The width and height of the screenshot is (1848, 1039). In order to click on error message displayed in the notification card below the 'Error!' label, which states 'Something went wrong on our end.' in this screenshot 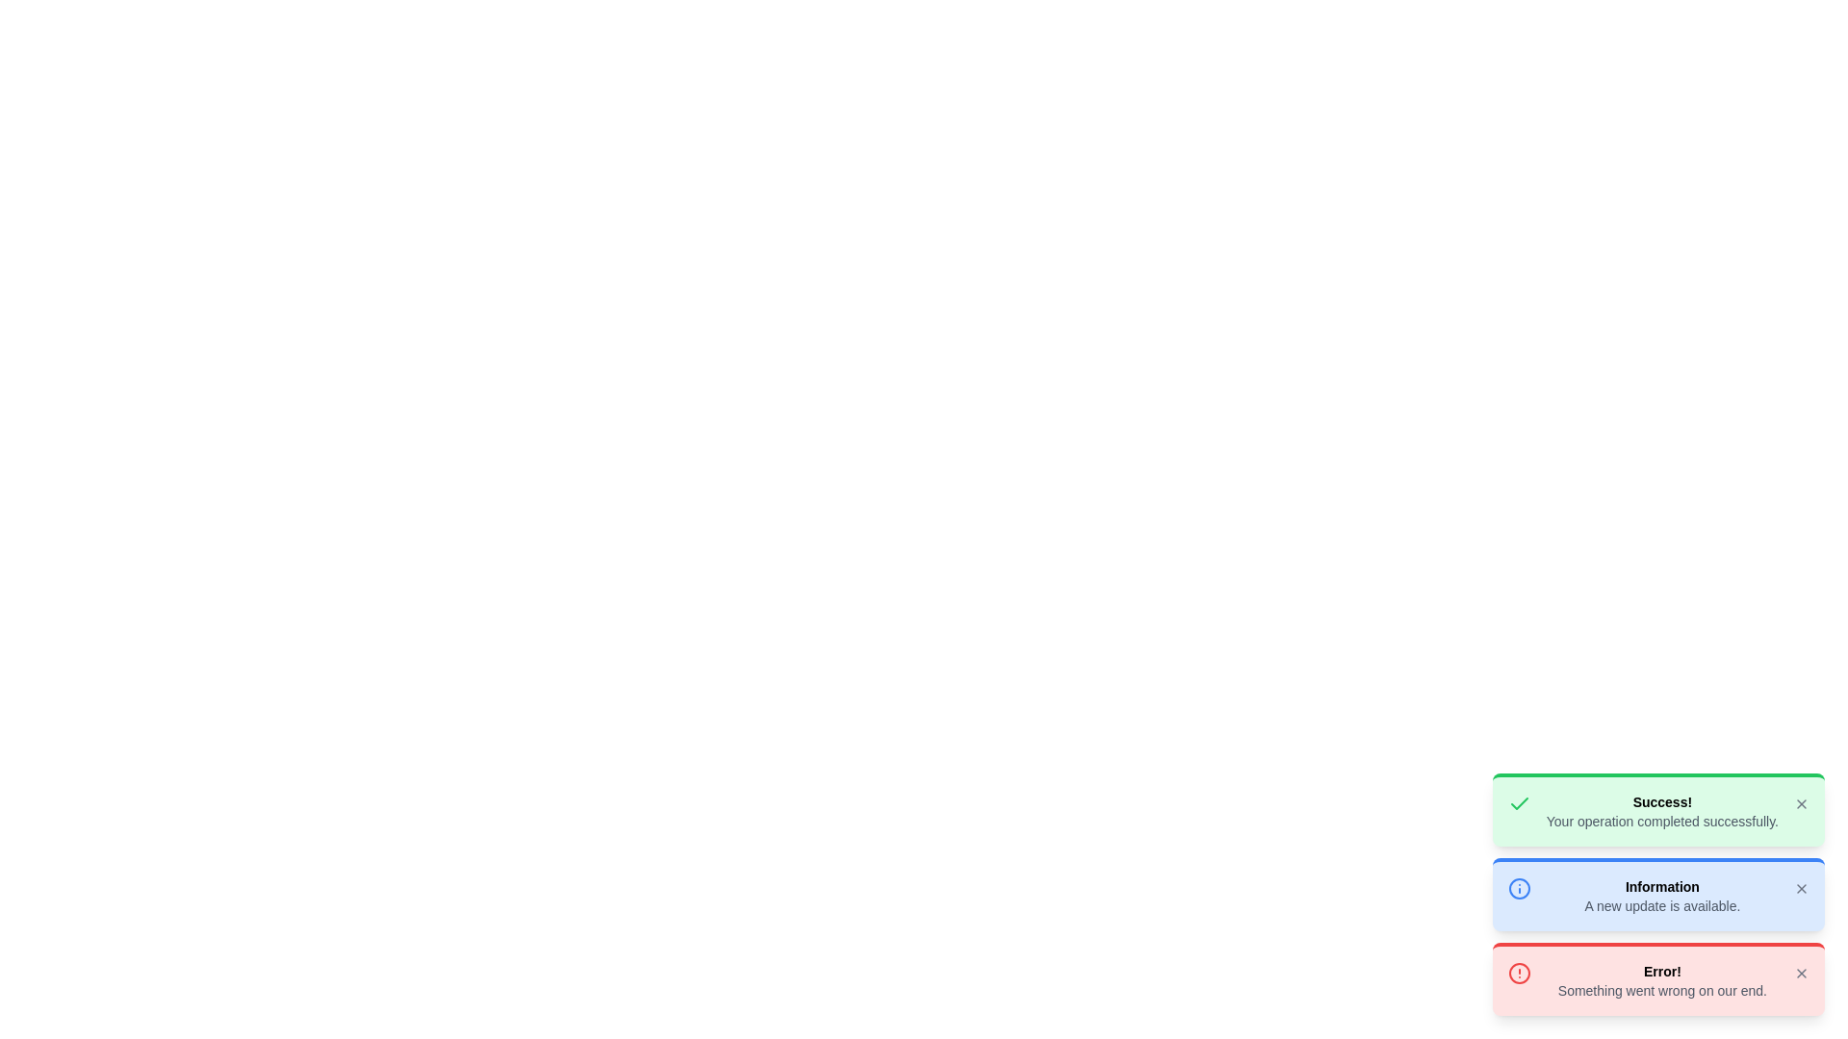, I will do `click(1661, 990)`.